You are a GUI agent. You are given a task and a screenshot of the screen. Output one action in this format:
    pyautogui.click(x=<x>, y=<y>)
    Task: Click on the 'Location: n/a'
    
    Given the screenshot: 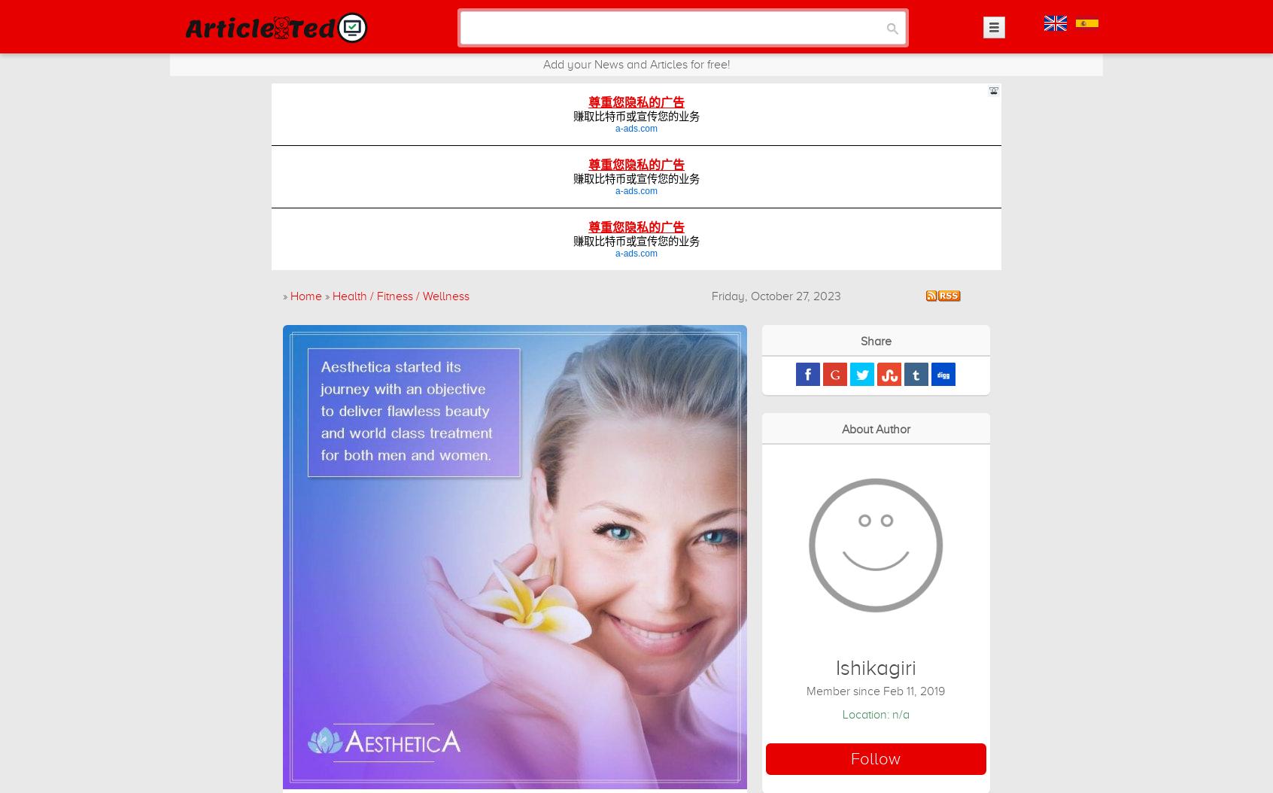 What is the action you would take?
    pyautogui.click(x=874, y=714)
    